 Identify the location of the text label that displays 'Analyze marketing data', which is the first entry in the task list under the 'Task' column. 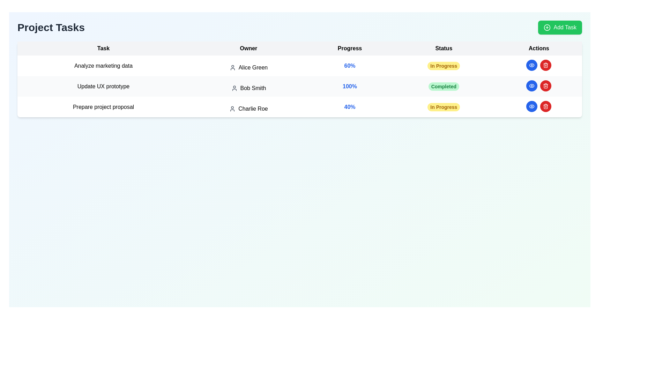
(103, 66).